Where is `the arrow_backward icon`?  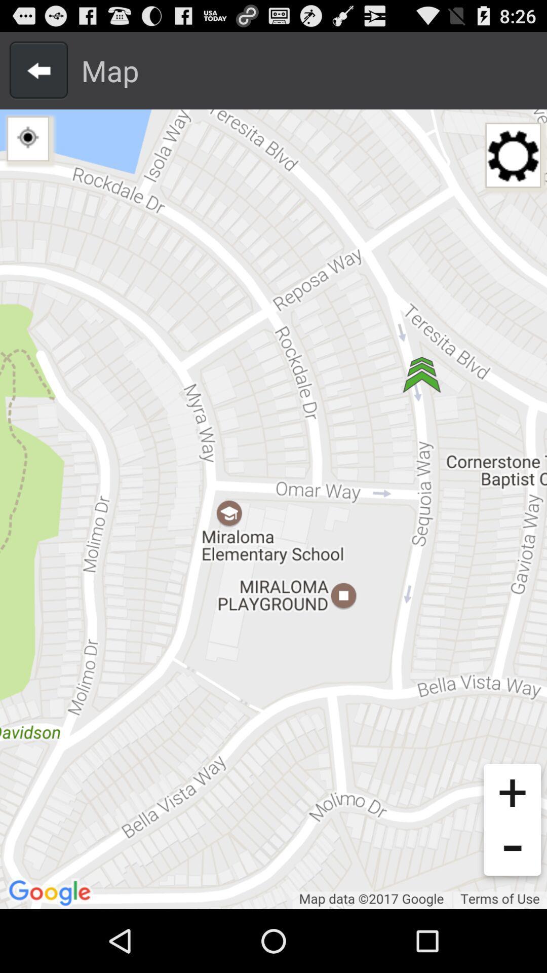
the arrow_backward icon is located at coordinates (38, 75).